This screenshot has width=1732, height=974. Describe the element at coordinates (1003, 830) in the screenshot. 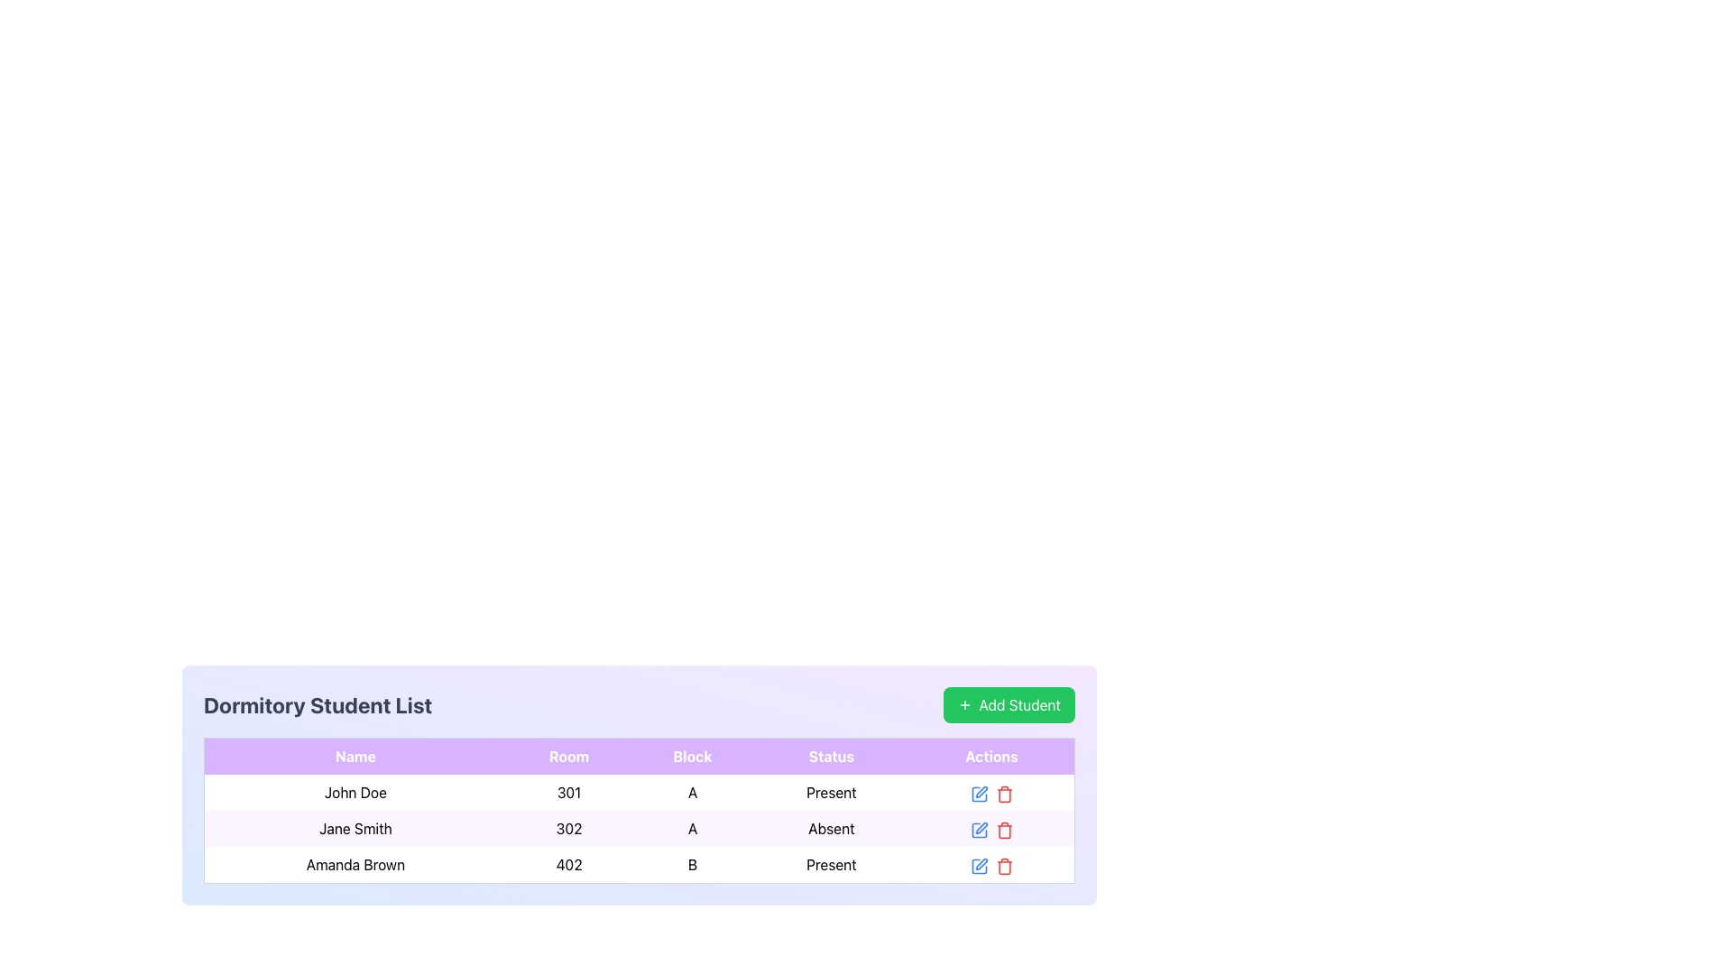

I see `the delete icon button in the Actions column of the table associated with the entry 'Jane Smith'` at that location.